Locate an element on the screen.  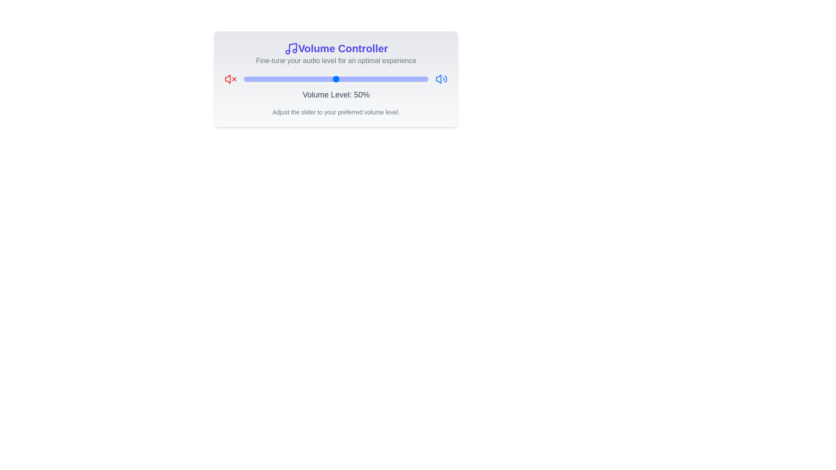
the volume slider to set the volume to 78% is located at coordinates (387, 79).